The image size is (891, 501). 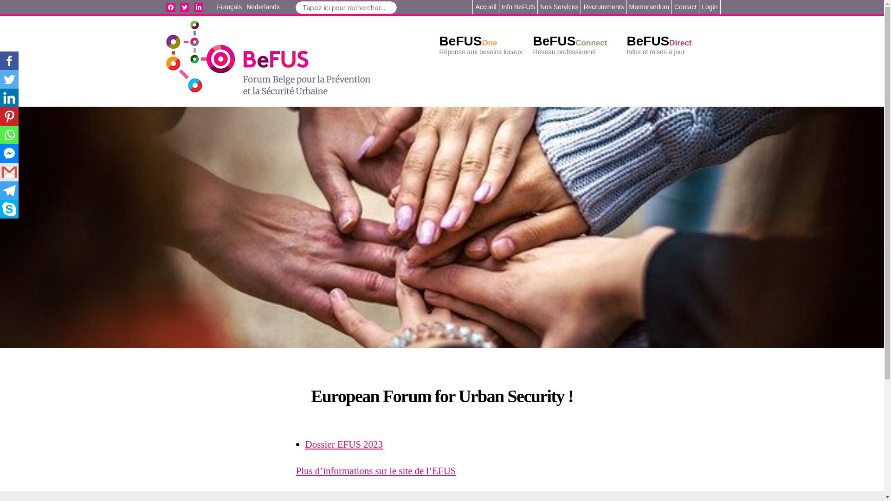 I want to click on 'BeFUSOne', so click(x=468, y=40).